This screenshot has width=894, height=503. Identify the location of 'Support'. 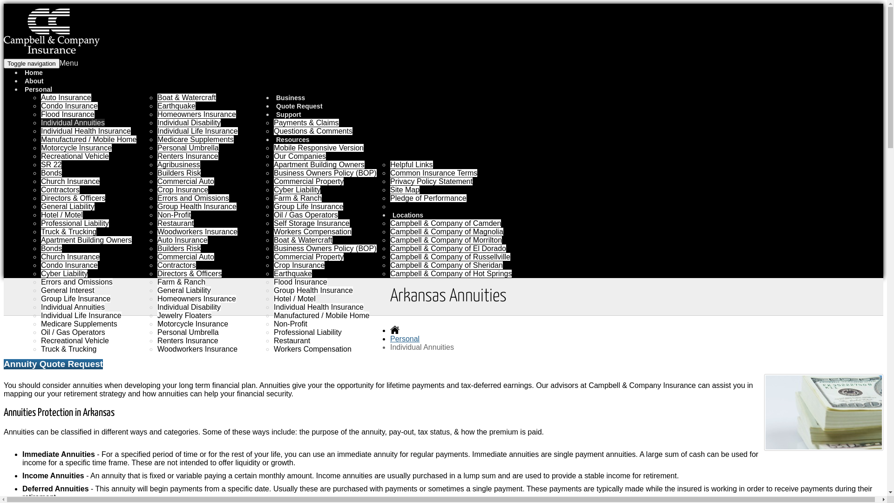
(289, 114).